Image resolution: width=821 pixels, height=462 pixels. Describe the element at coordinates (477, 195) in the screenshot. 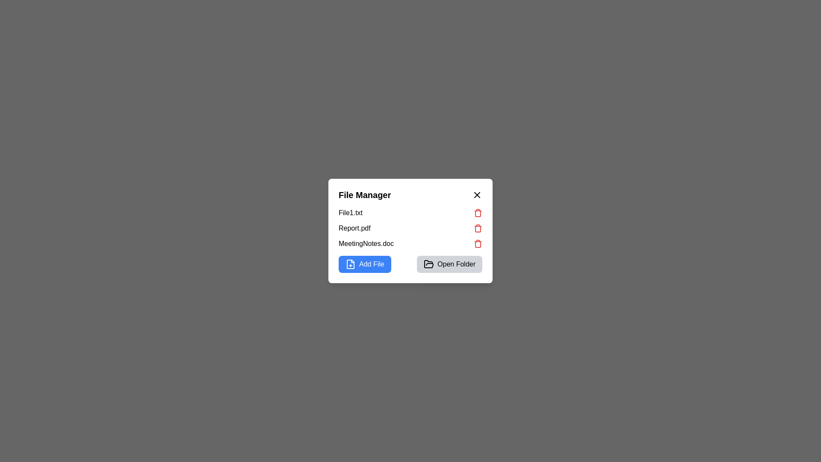

I see `the Close icon button located in the top-right corner of the File Manager interface` at that location.